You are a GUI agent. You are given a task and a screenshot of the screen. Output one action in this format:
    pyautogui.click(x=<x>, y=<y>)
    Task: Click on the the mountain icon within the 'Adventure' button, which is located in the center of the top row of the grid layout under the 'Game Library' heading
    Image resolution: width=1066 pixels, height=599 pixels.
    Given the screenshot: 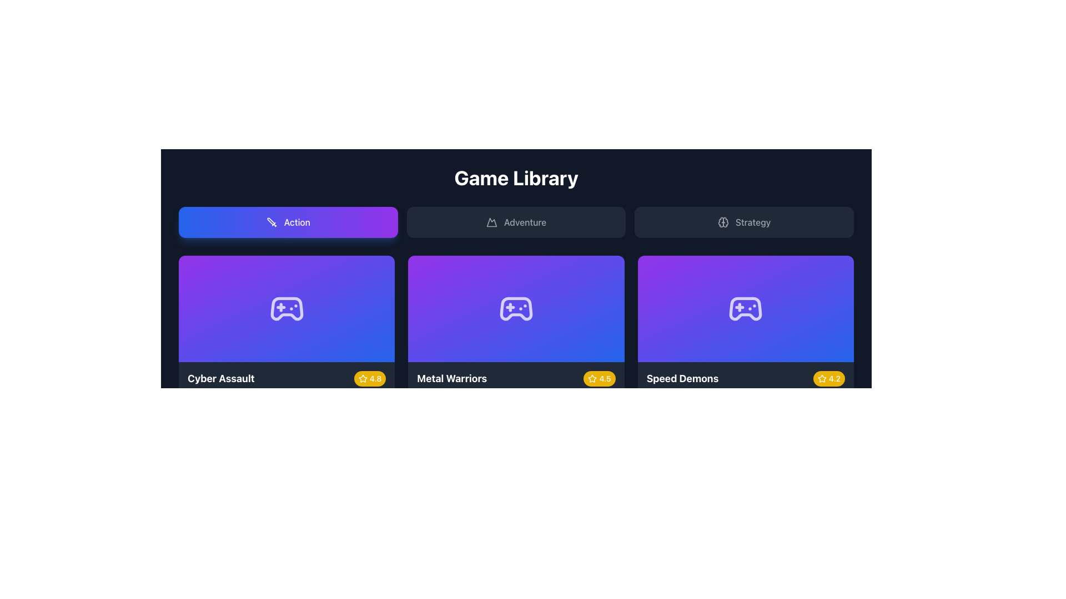 What is the action you would take?
    pyautogui.click(x=491, y=222)
    